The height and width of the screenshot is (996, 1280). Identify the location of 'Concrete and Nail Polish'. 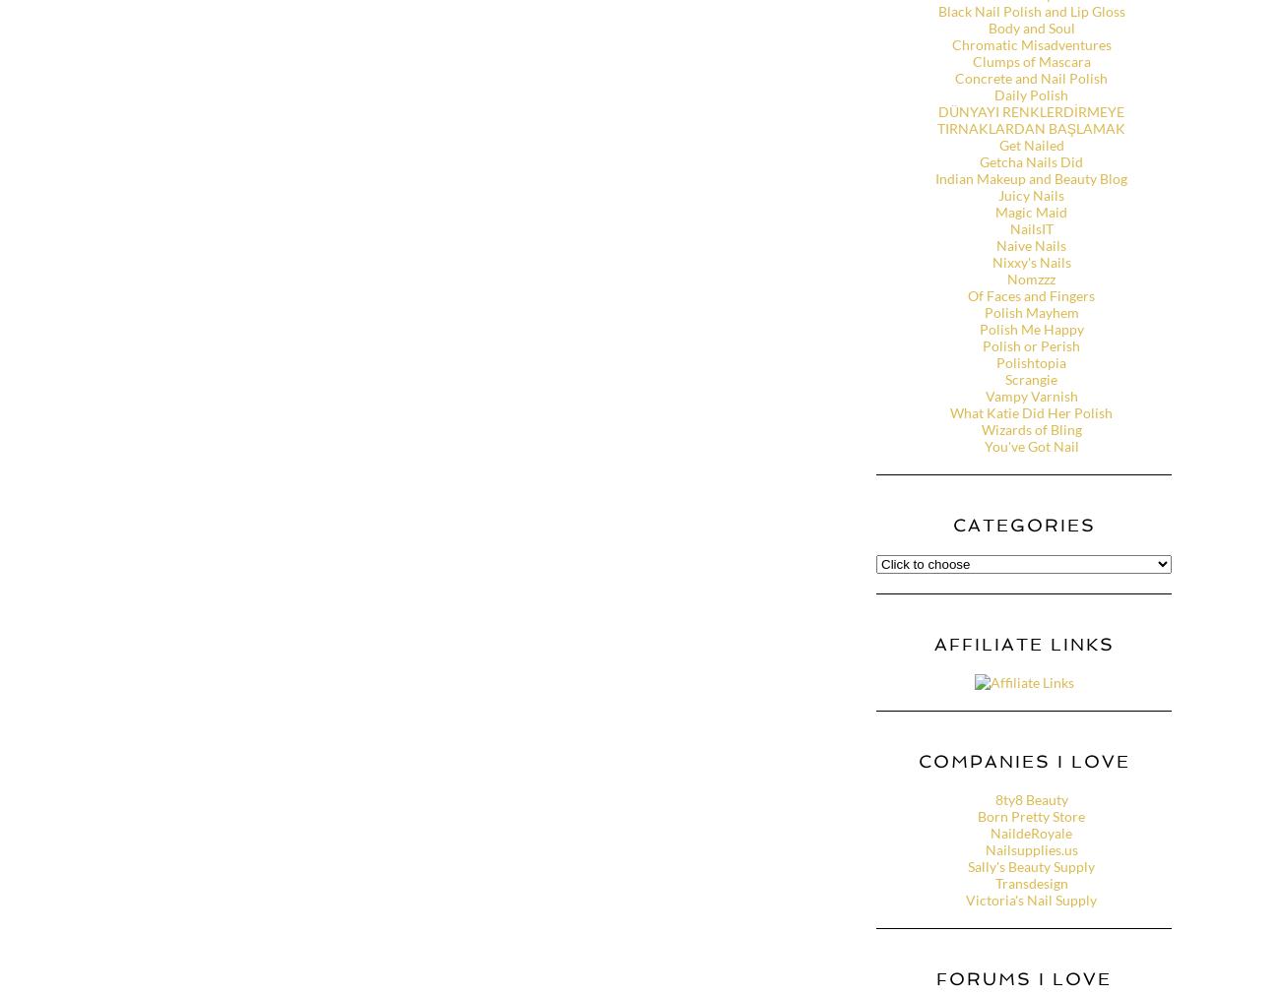
(955, 77).